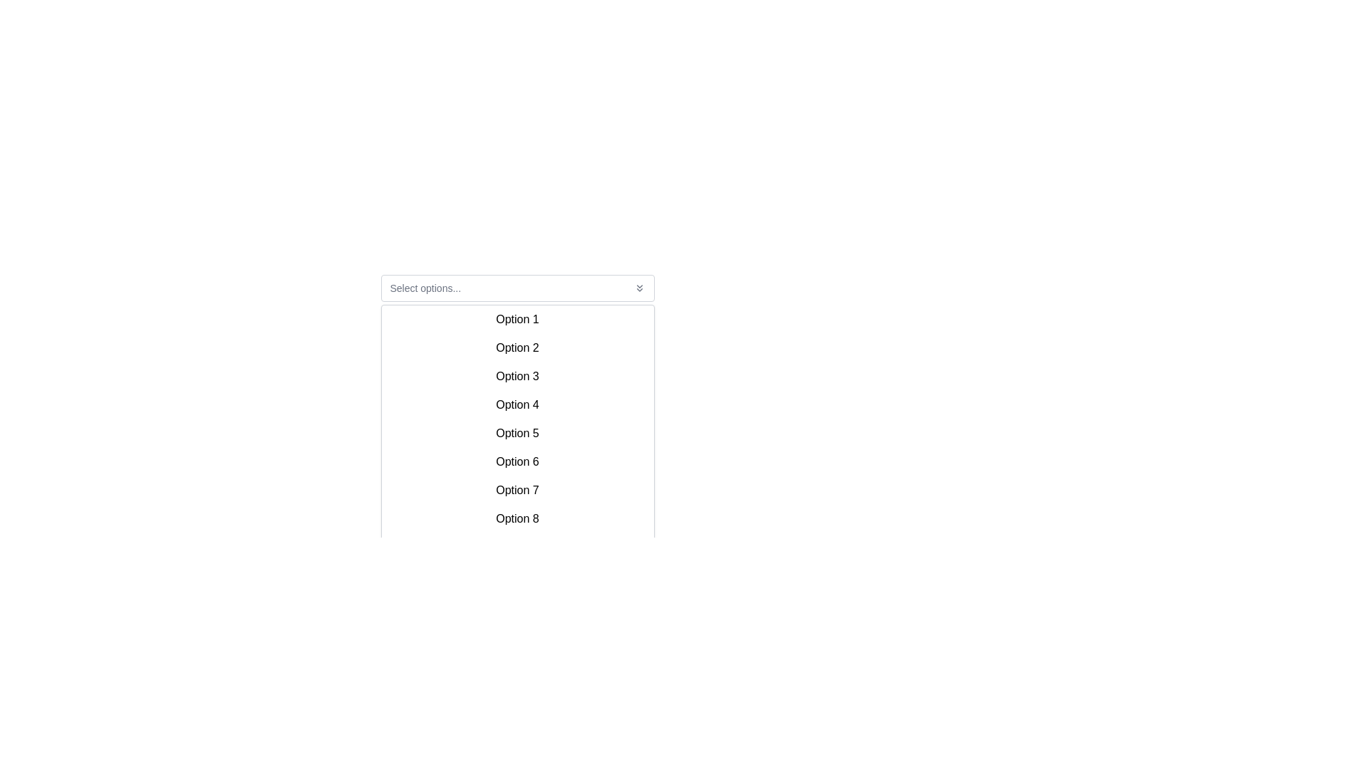 The image size is (1368, 769). Describe the element at coordinates (517, 433) in the screenshot. I see `the fifth item in the dropdown menu, which is a selectable option that likely changes a selection or triggers a related action when interacted with` at that location.